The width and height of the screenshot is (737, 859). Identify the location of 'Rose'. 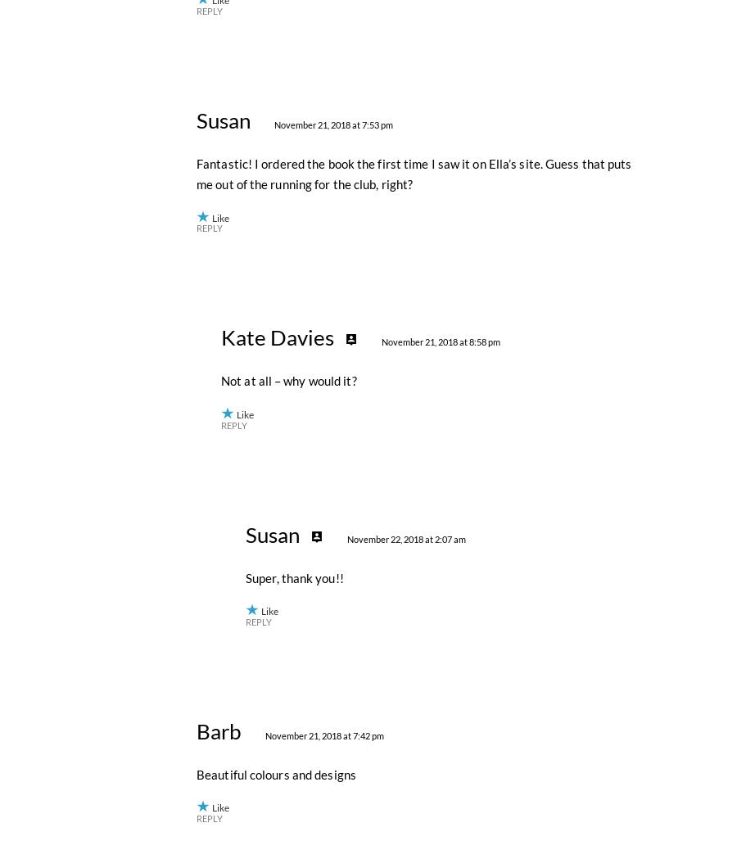
(219, 262).